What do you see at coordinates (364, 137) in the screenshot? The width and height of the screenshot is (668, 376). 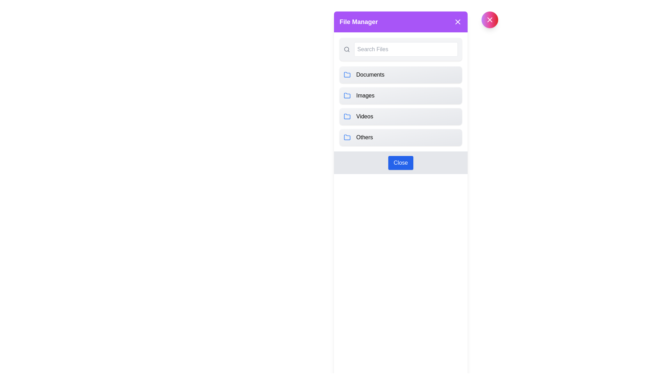 I see `the text label reading 'Others' located on a gray background in the overlay panel labeled 'File Manager'` at bounding box center [364, 137].